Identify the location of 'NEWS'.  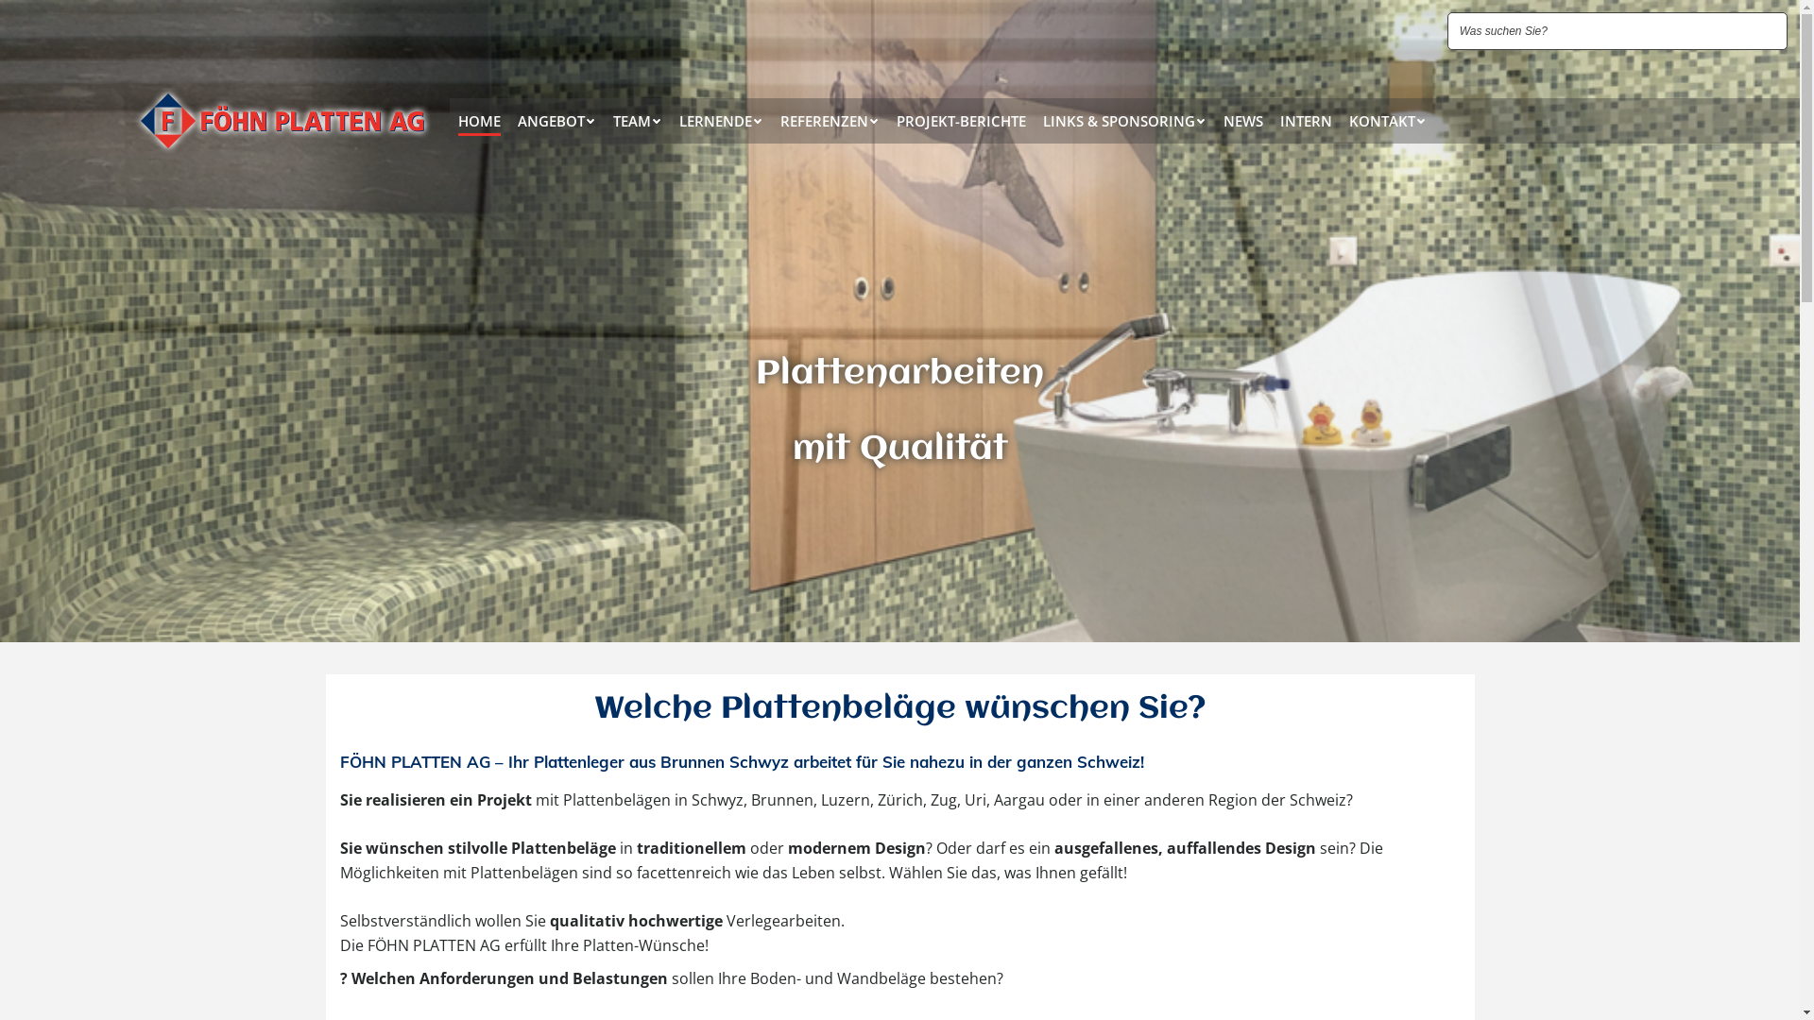
(1242, 121).